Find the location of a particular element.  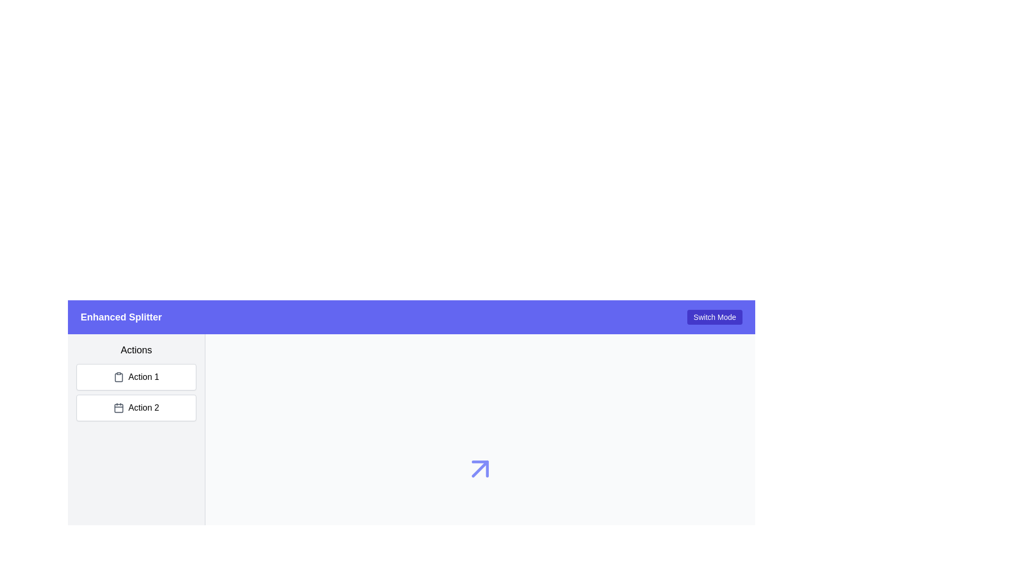

the square SVG shape that is part of the calendar icon, specifically the main body of the calendar located inside the second button labeled 'Action 2' in the 'Actions' column is located at coordinates (119, 407).